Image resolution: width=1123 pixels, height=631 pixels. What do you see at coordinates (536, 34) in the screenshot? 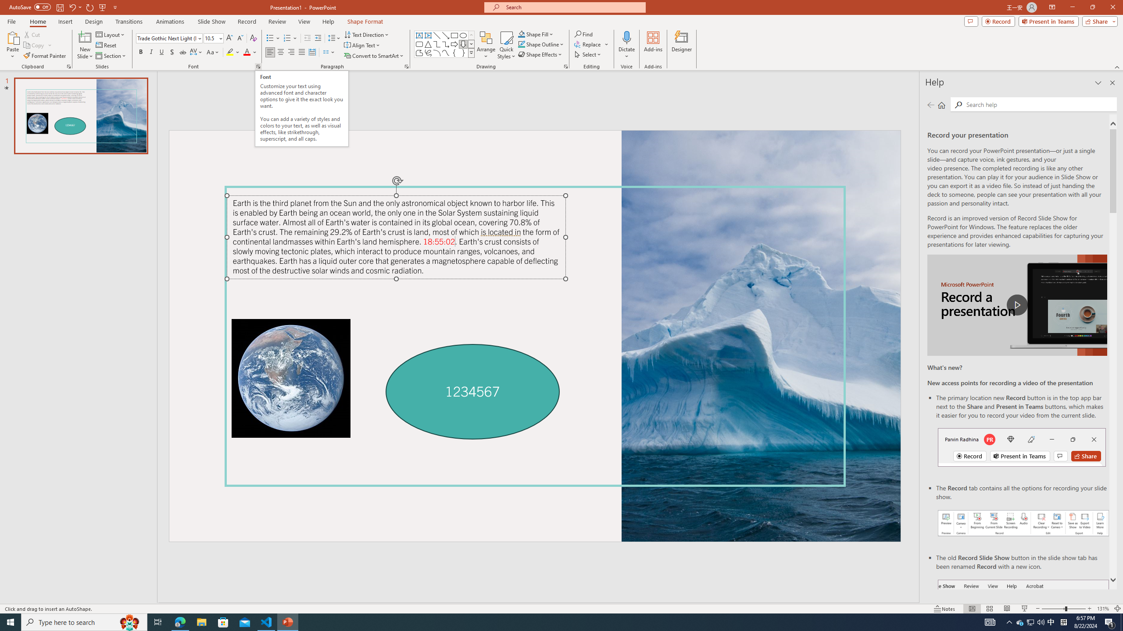
I see `'Shape Fill'` at bounding box center [536, 34].